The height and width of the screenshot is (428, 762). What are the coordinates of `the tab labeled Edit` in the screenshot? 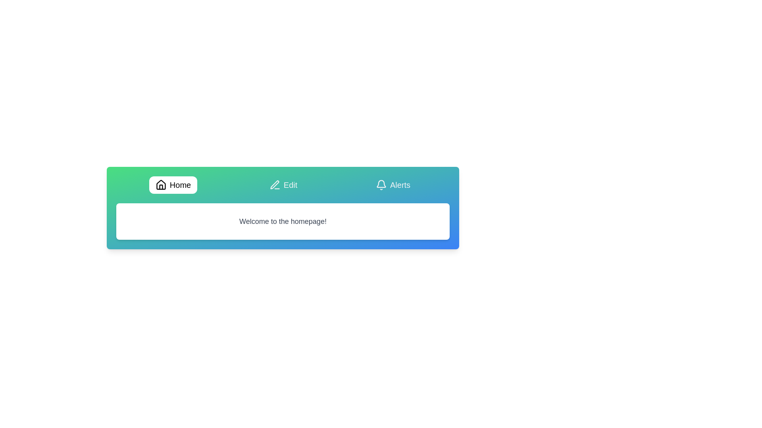 It's located at (283, 185).